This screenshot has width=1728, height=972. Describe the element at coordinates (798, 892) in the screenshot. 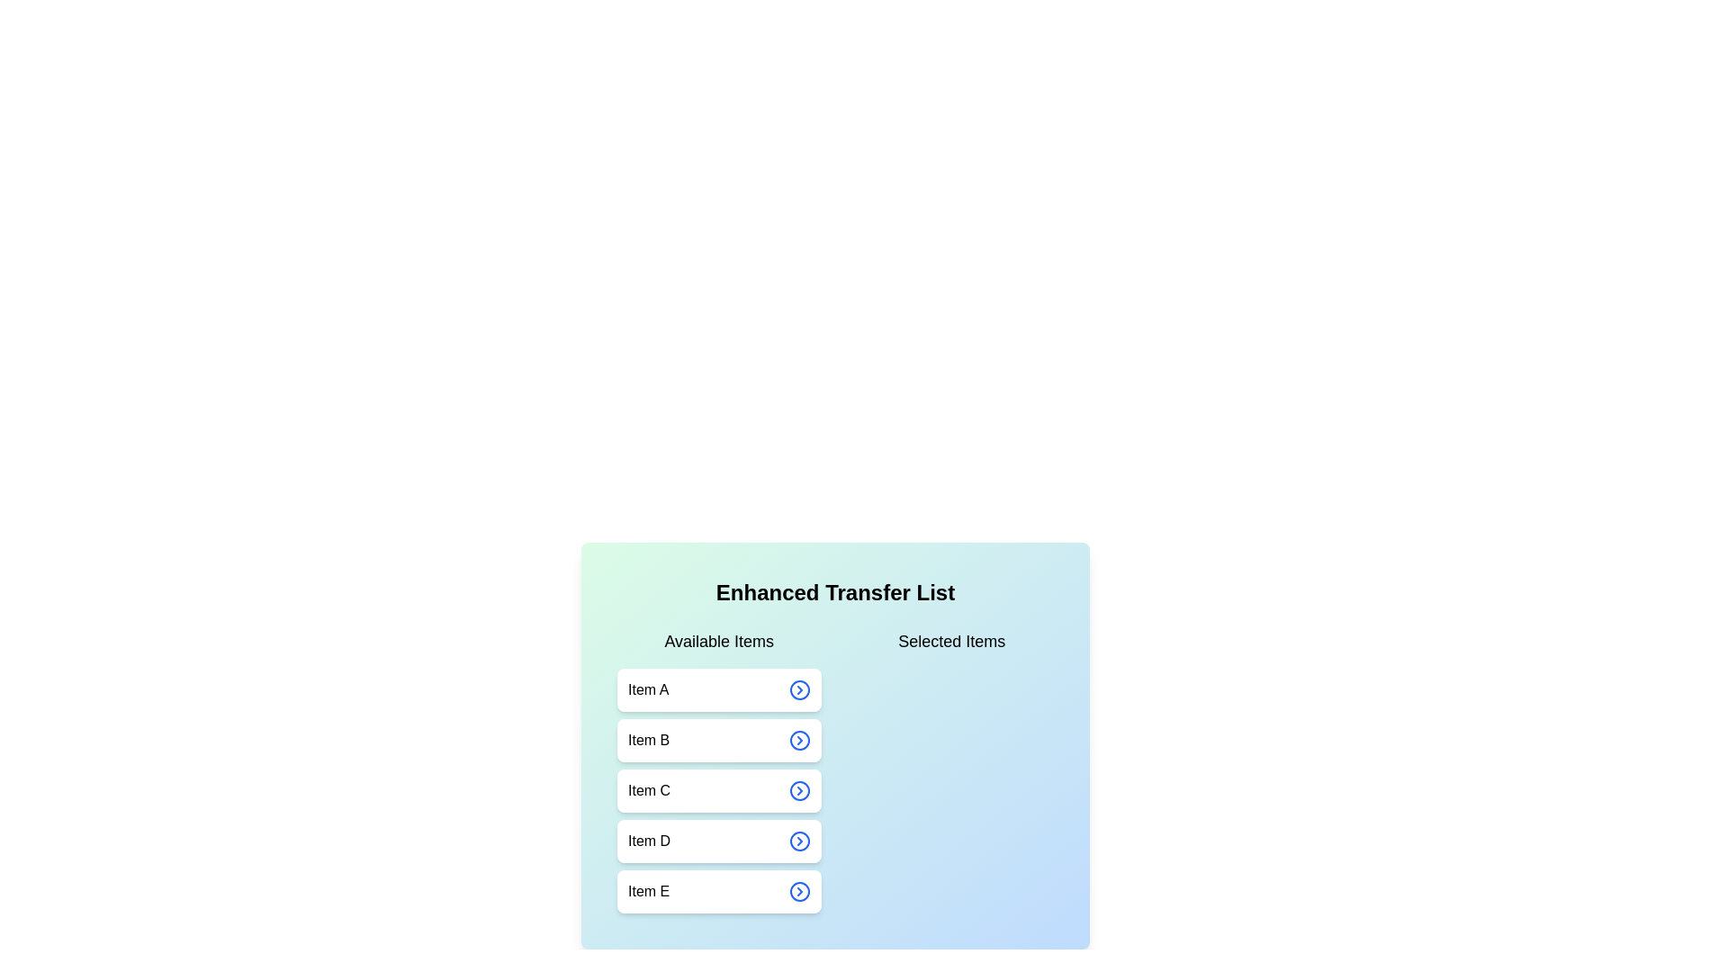

I see `arrow button next to Item E in the available list to transfer it to the selected list` at that location.